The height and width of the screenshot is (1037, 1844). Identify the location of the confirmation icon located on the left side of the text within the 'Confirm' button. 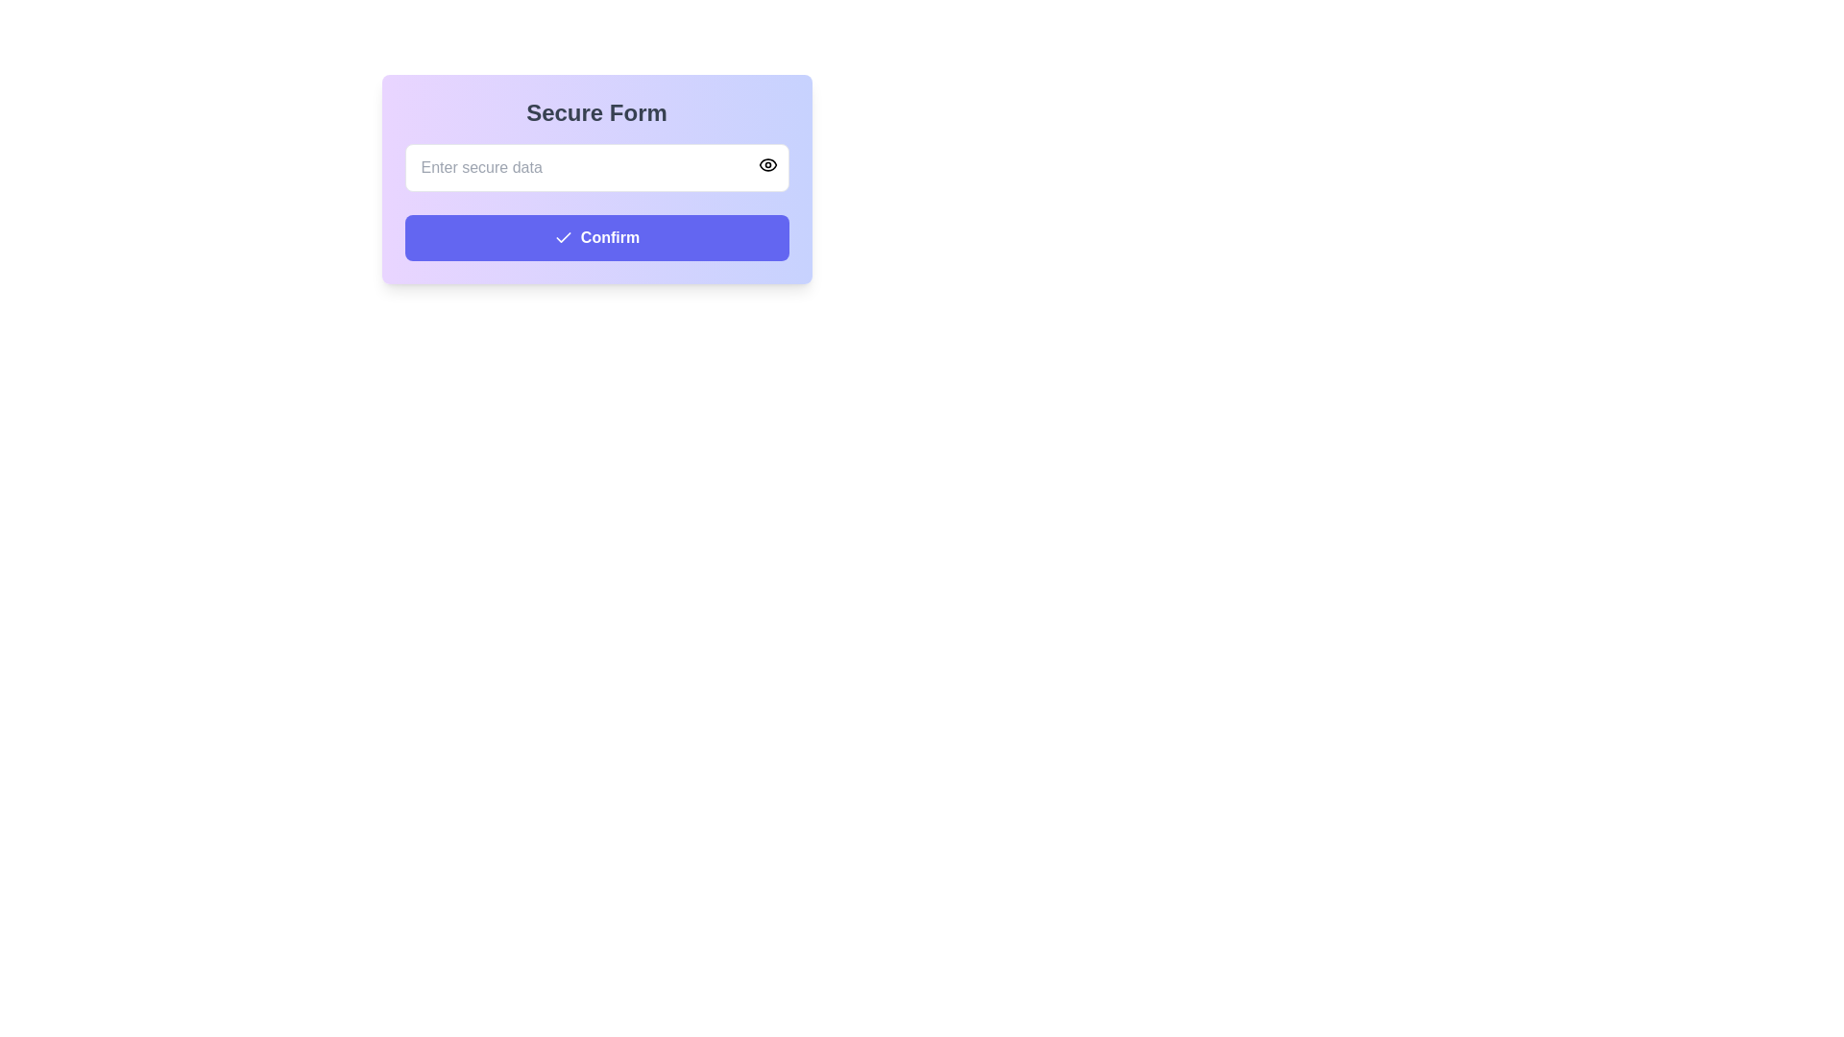
(562, 236).